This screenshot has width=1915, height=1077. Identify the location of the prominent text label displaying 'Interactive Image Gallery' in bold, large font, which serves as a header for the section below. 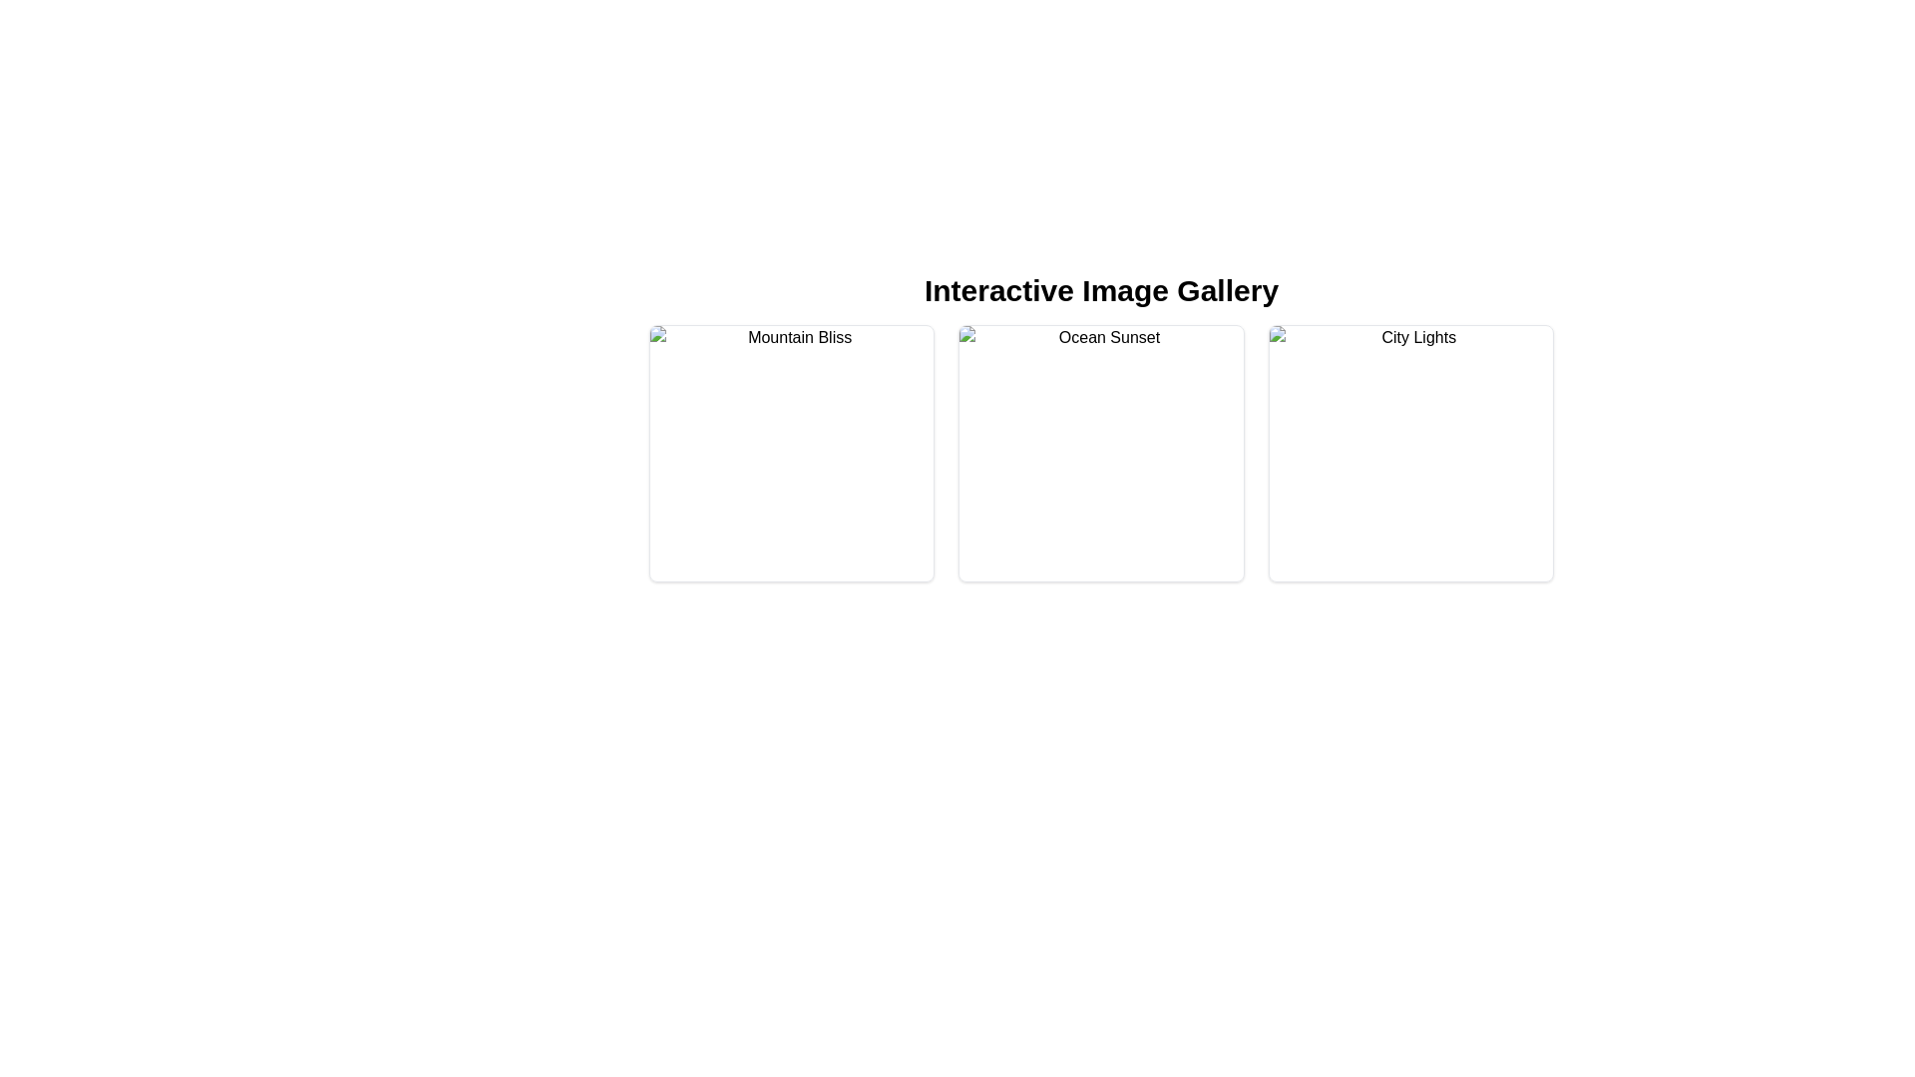
(1100, 291).